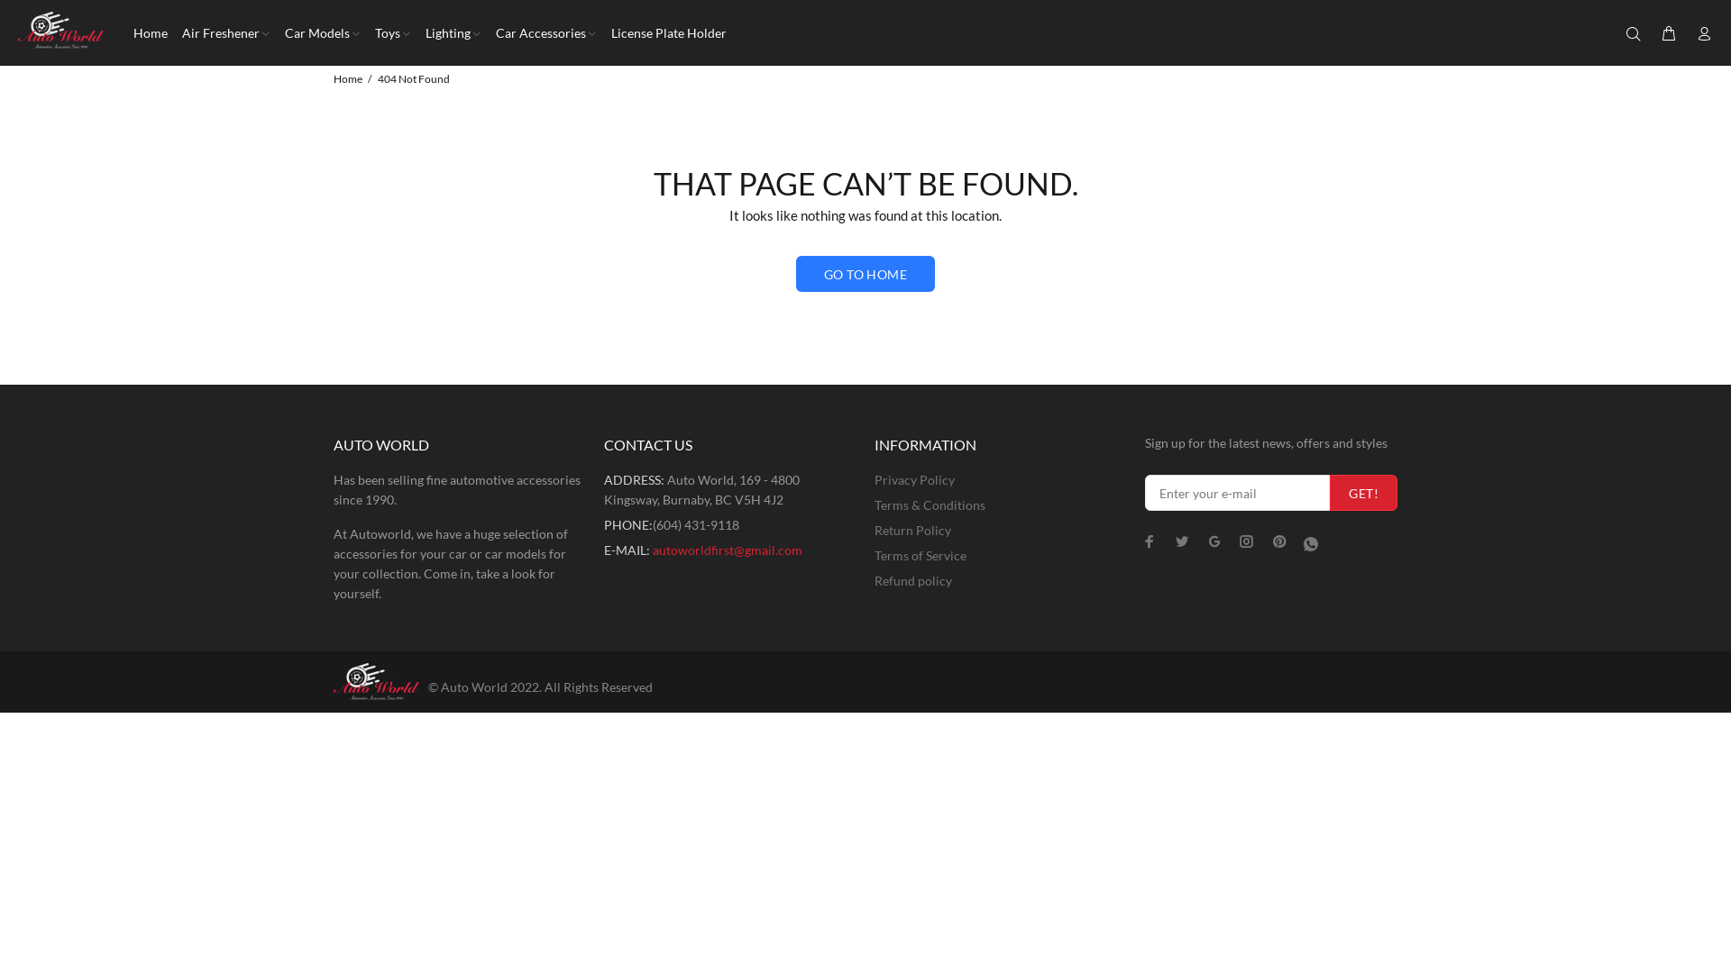  I want to click on 'Car Accessories', so click(545, 32).